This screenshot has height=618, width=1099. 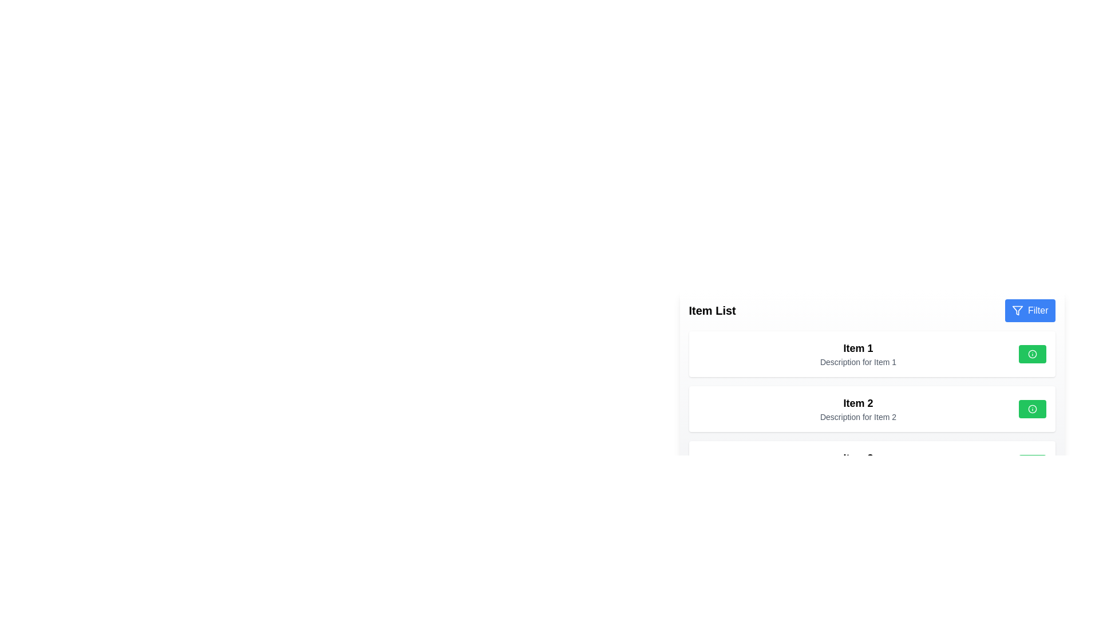 What do you see at coordinates (1032, 353) in the screenshot?
I see `the circular icon with a hollow center located at the right side of the green button in the first item card labeled 'Item 1'` at bounding box center [1032, 353].